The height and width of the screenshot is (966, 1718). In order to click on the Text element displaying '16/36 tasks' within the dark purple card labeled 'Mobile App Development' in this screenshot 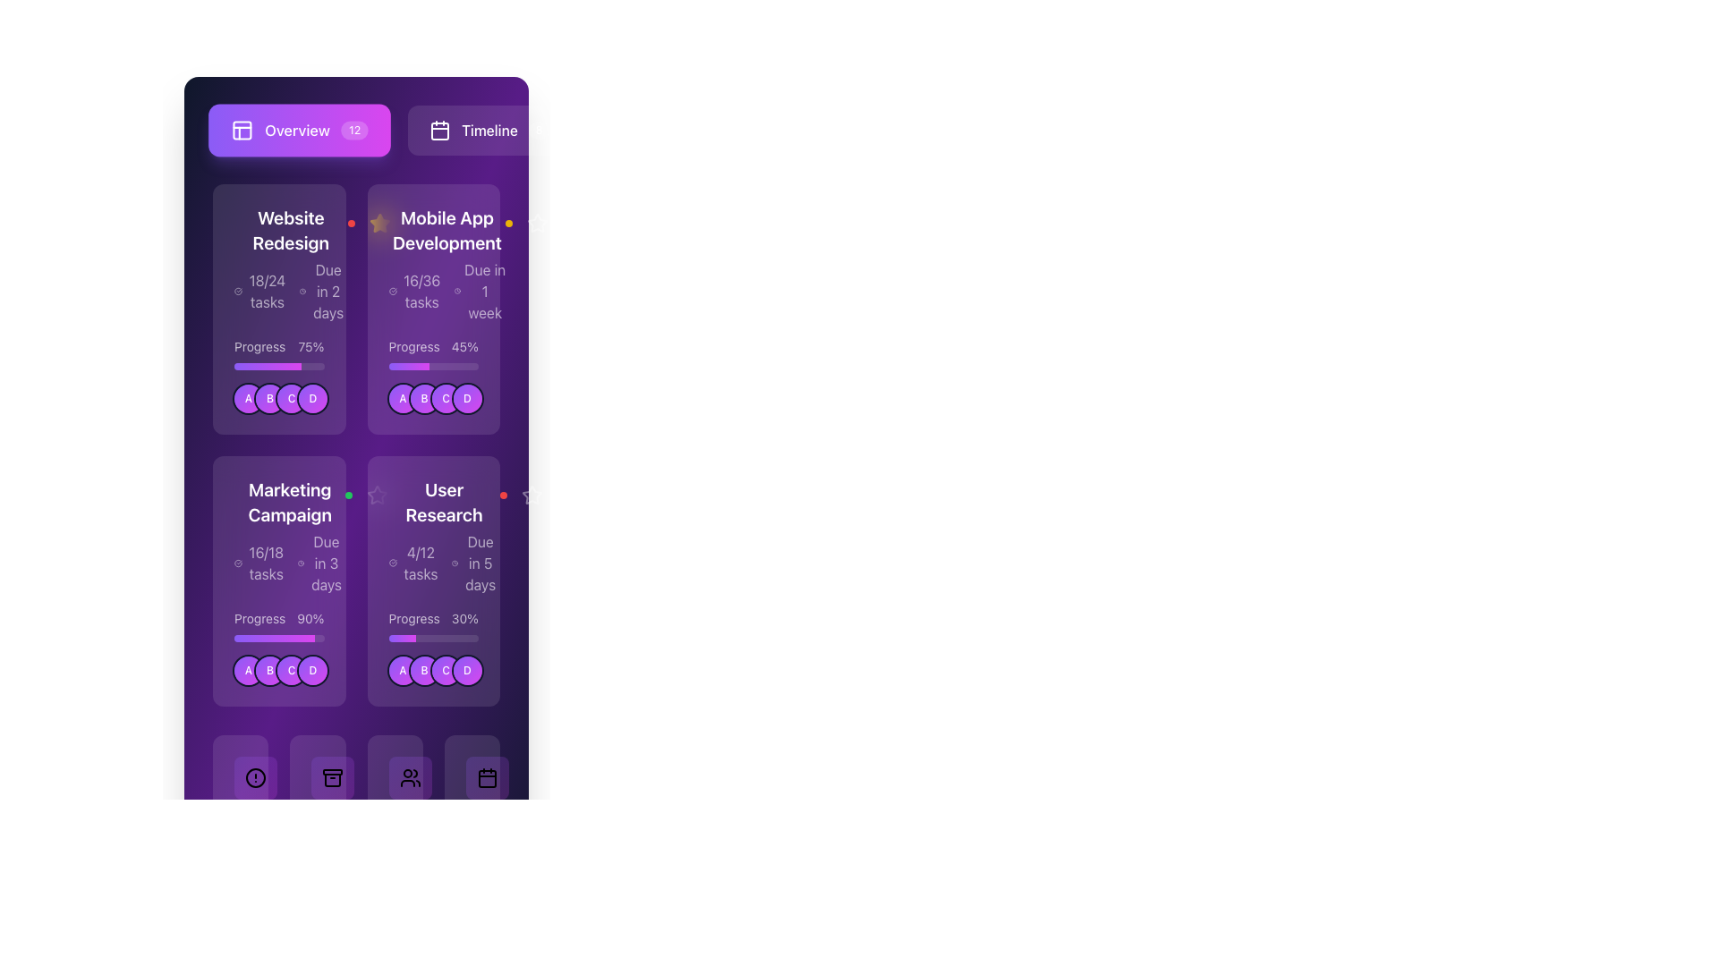, I will do `click(415, 291)`.